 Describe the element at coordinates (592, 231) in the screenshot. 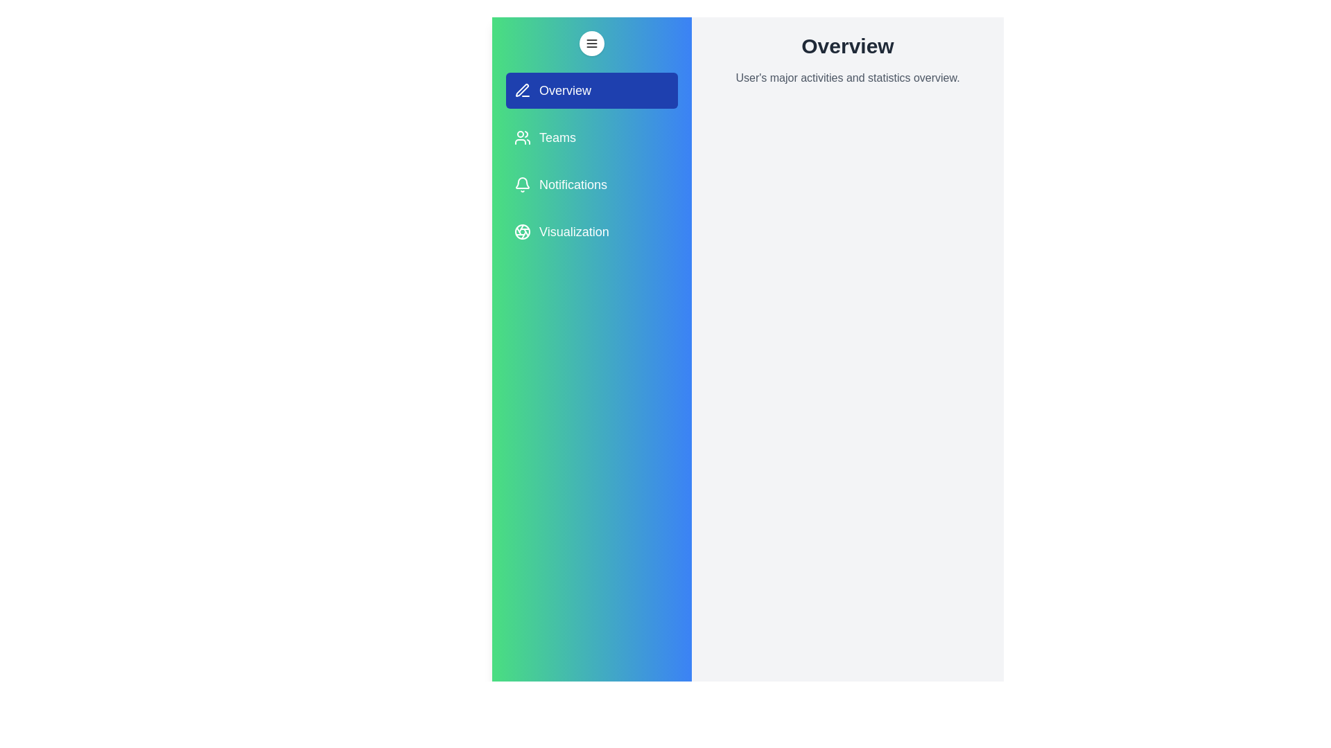

I see `the drawer elements to observe highlights. The element to hover over is specified by the parameter Visualization` at that location.